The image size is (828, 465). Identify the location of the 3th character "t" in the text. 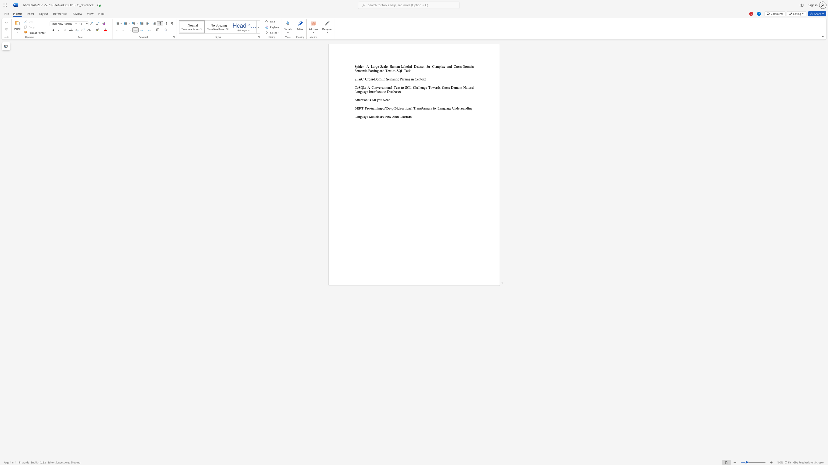
(363, 100).